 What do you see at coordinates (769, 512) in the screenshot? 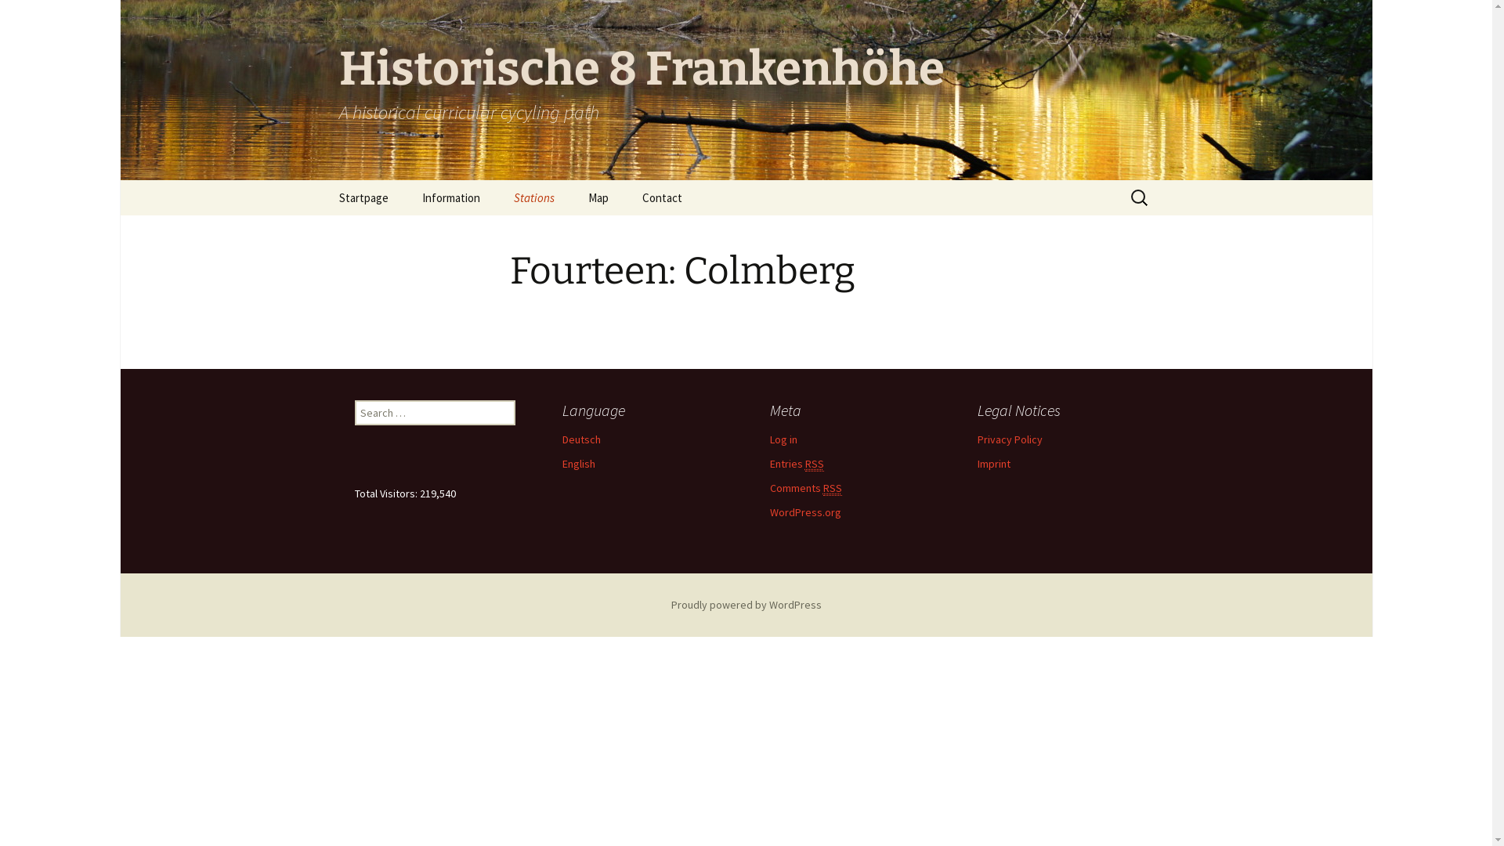
I see `'WordPress.org'` at bounding box center [769, 512].